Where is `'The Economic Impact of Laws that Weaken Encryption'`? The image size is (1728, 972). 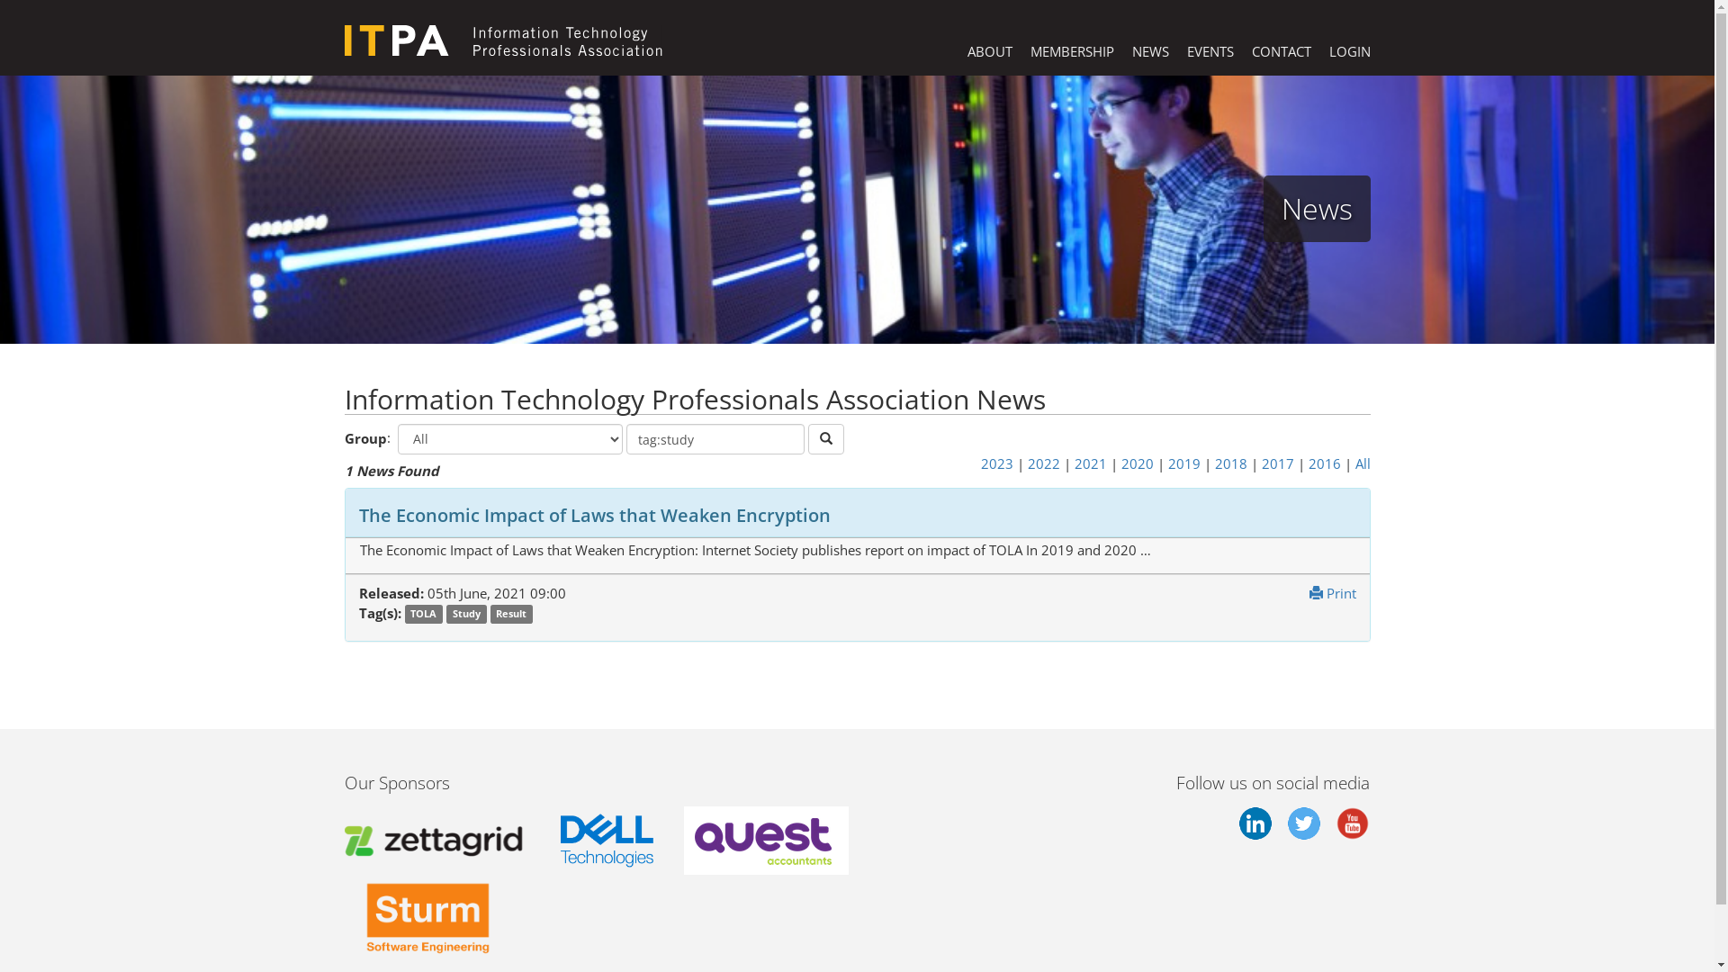
'The Economic Impact of Laws that Weaken Encryption' is located at coordinates (594, 514).